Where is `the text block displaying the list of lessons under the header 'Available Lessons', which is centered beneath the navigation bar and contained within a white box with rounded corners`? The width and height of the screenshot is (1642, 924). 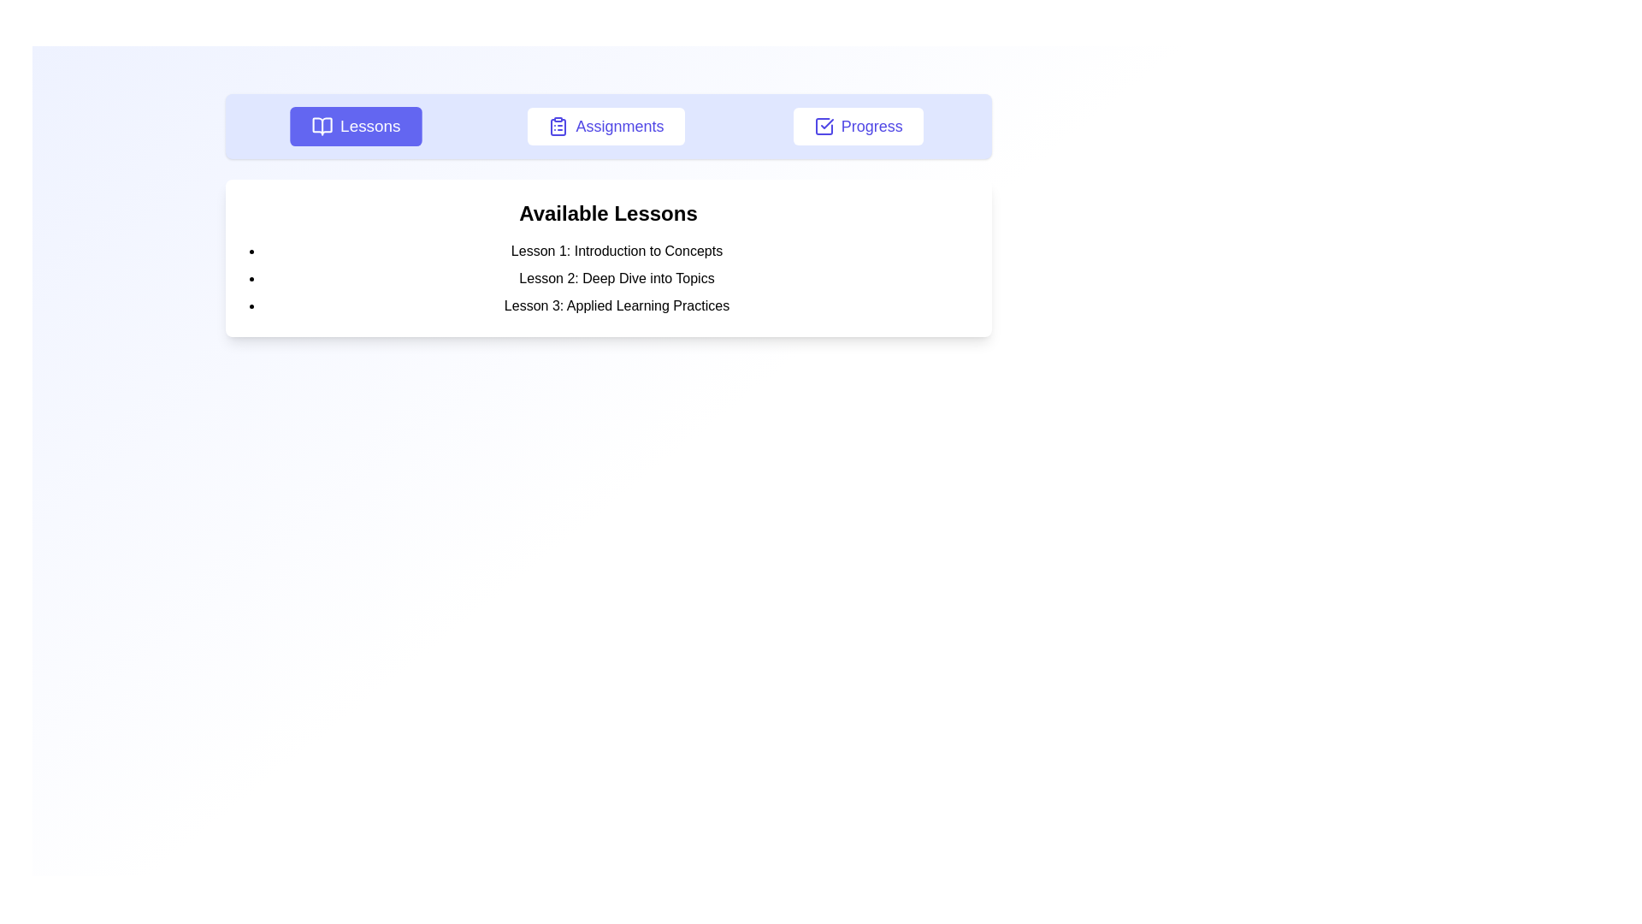 the text block displaying the list of lessons under the header 'Available Lessons', which is centered beneath the navigation bar and contained within a white box with rounded corners is located at coordinates (608, 258).